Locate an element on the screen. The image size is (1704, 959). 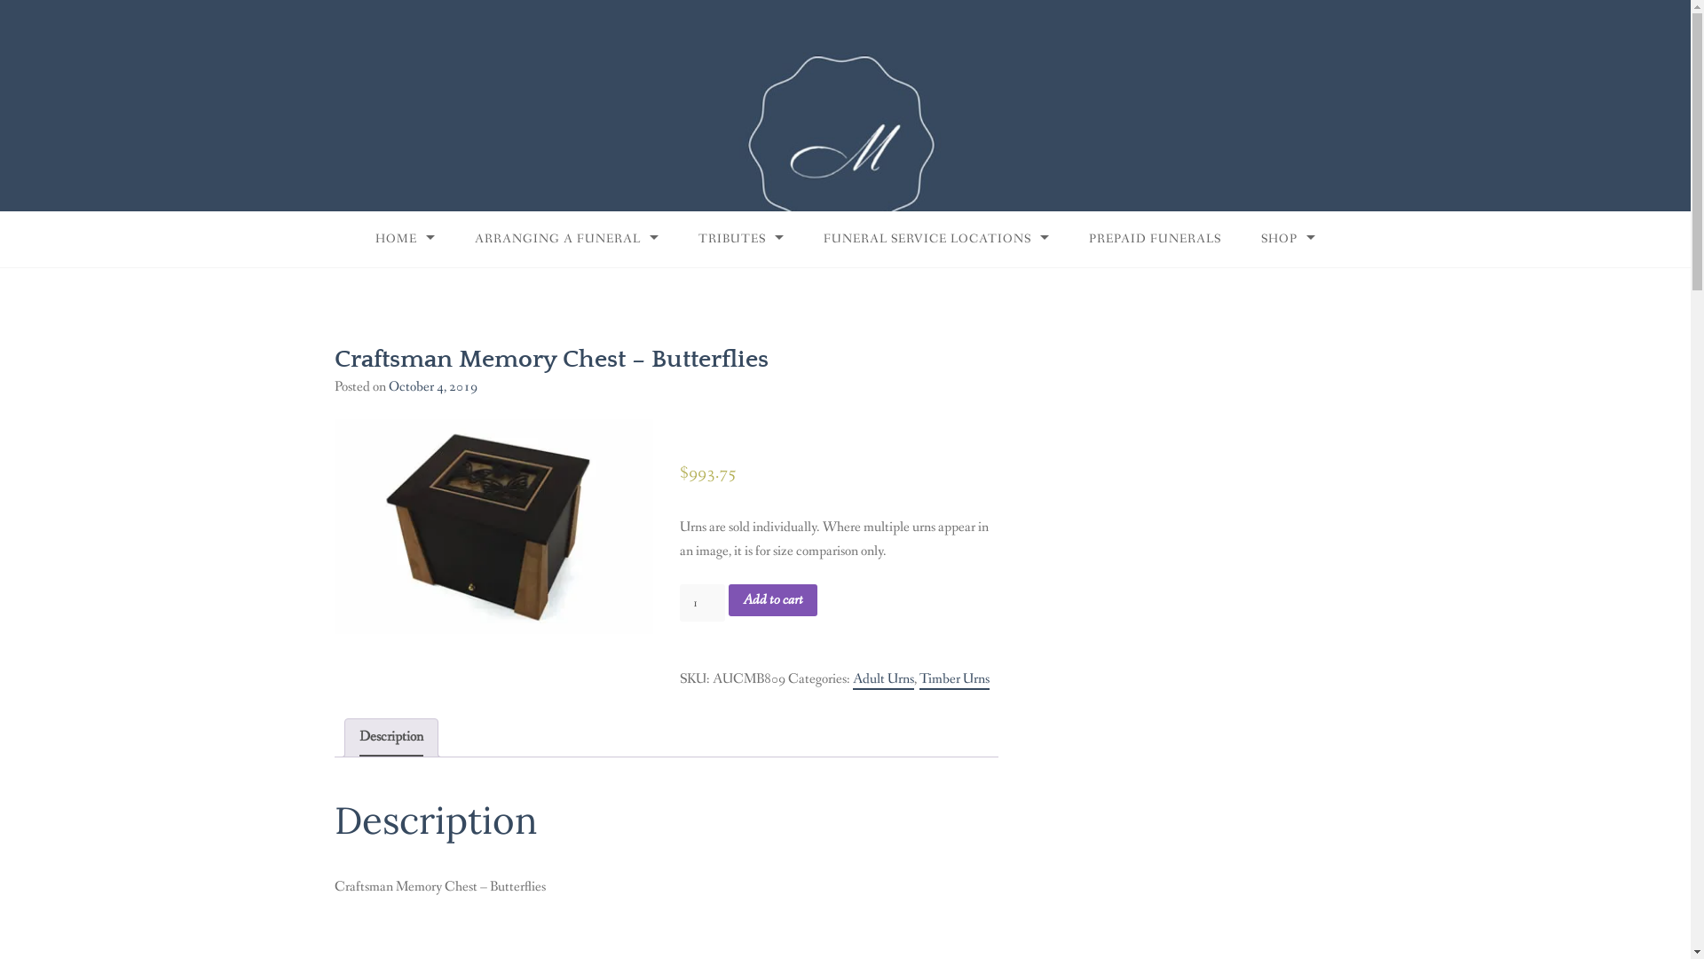
'HOME' is located at coordinates (404, 238).